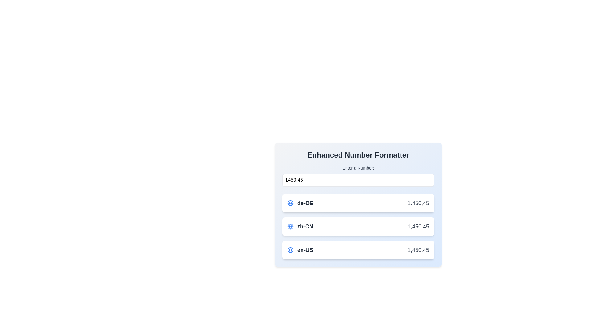 This screenshot has height=333, width=592. What do you see at coordinates (418, 250) in the screenshot?
I see `formatted number displayed in the text display located on the right side of the row containing 'en-US' under 'Enhanced Number Formatter'` at bounding box center [418, 250].